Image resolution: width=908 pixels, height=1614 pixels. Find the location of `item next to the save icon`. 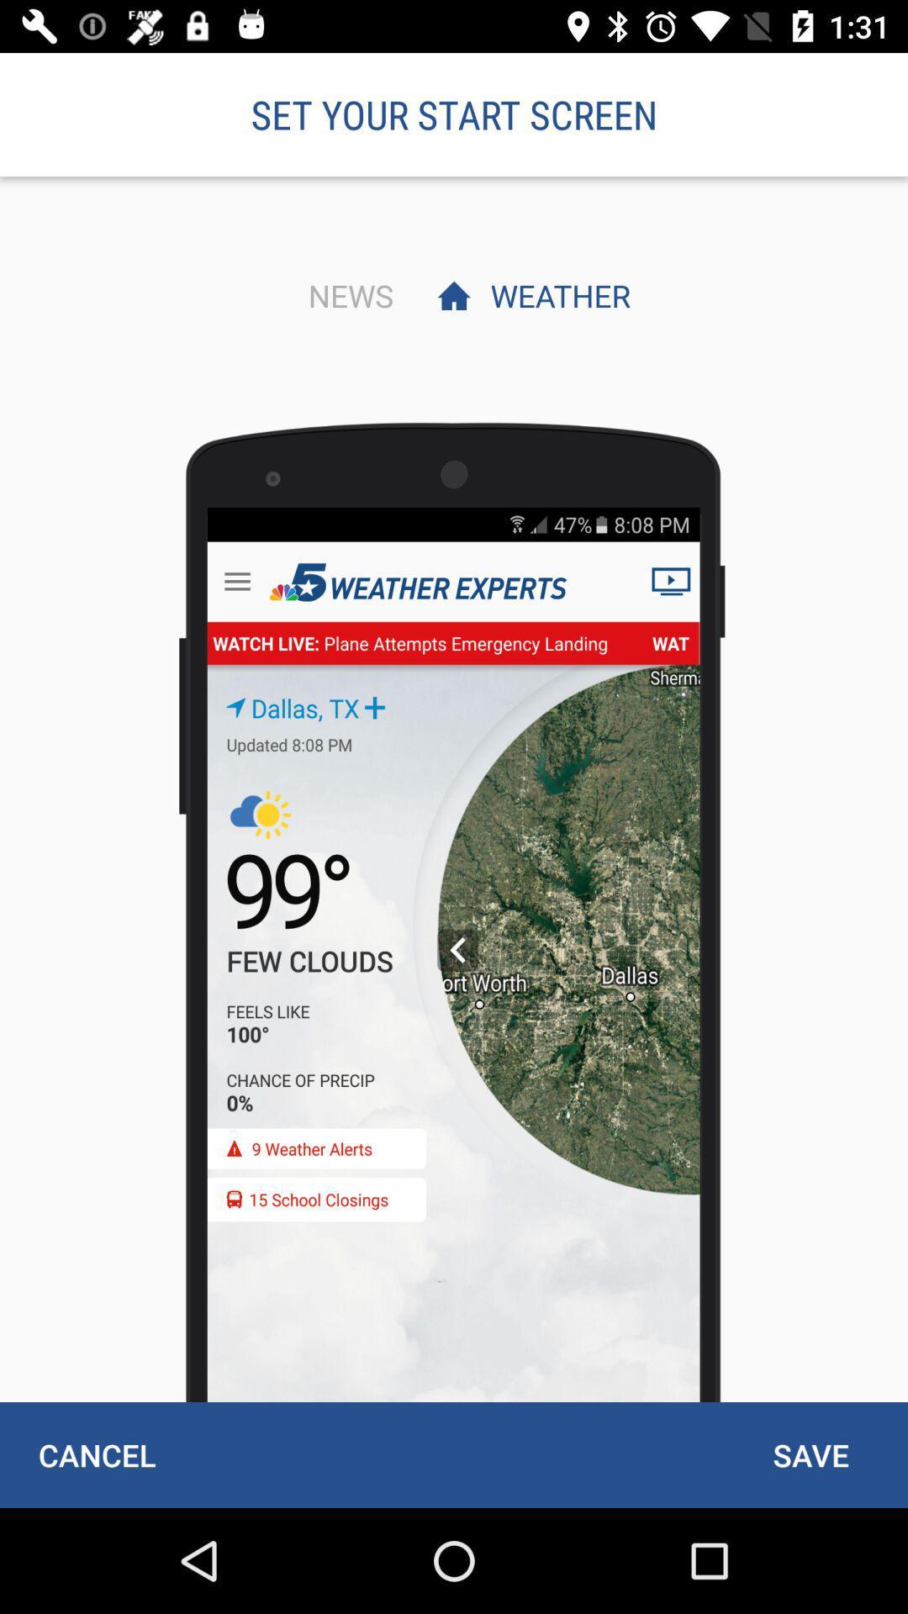

item next to the save icon is located at coordinates (97, 1454).